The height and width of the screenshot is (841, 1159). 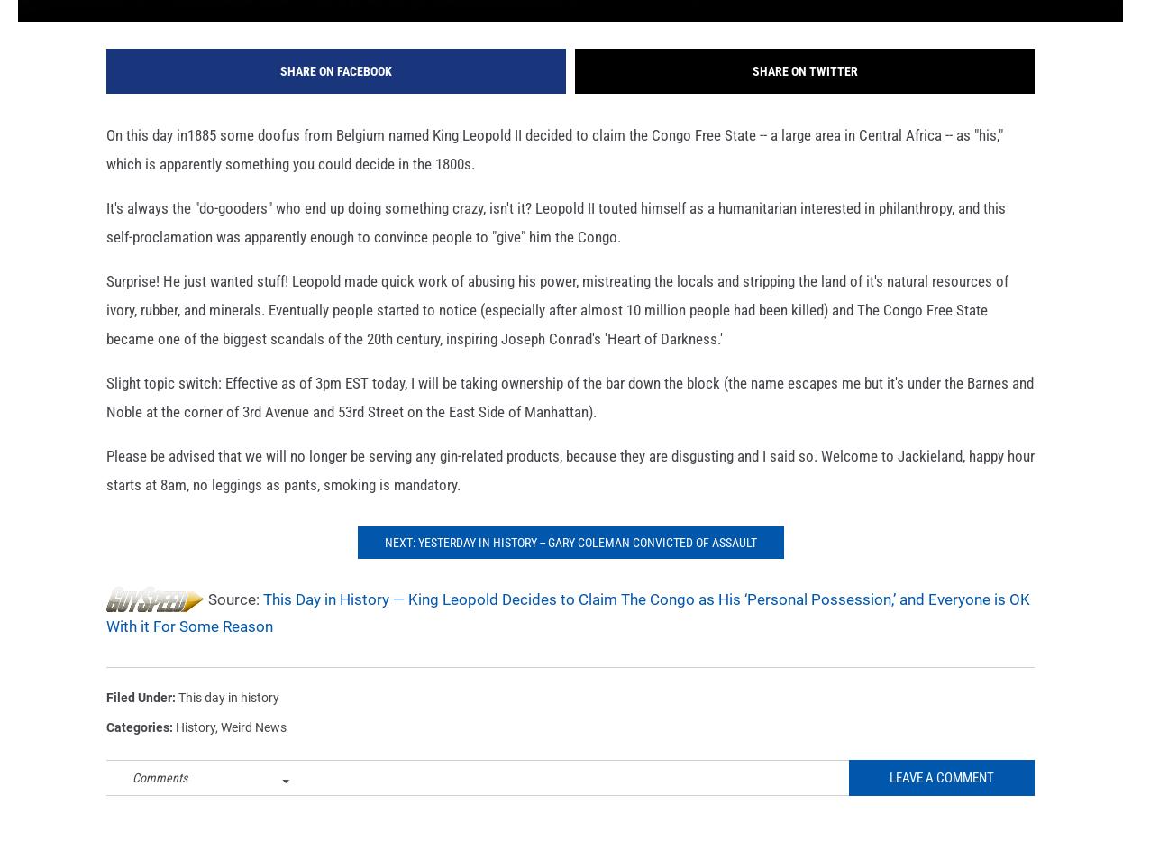 What do you see at coordinates (804, 99) in the screenshot?
I see `'Share on Twitter'` at bounding box center [804, 99].